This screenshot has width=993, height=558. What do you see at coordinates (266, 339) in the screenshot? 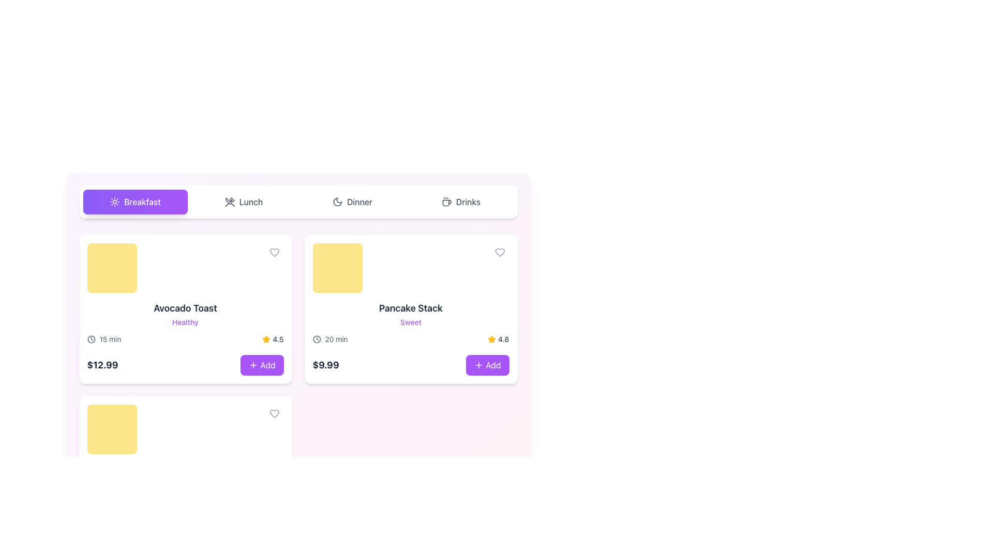
I see `the yellow star icon, which serves as a rating indicator for the 'Pancake Stack' item, positioned to the right of the item's title and aligned with the rating number '4.8'` at bounding box center [266, 339].